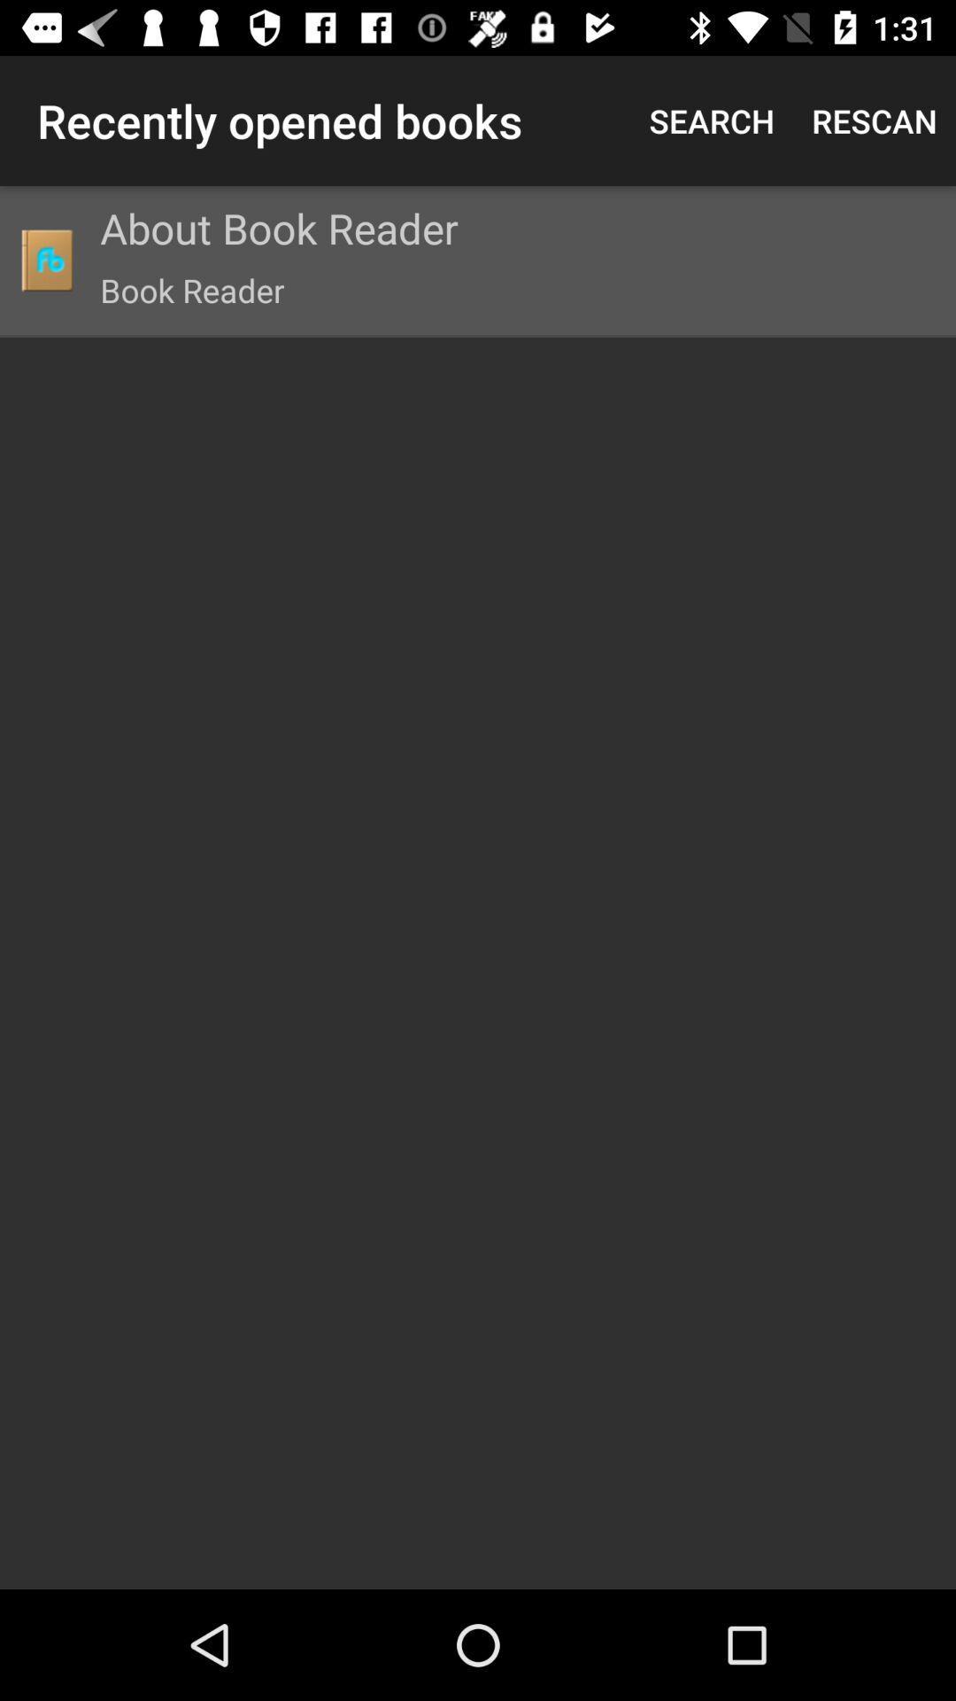 This screenshot has width=956, height=1701. I want to click on icon below recently opened books icon, so click(45, 259).